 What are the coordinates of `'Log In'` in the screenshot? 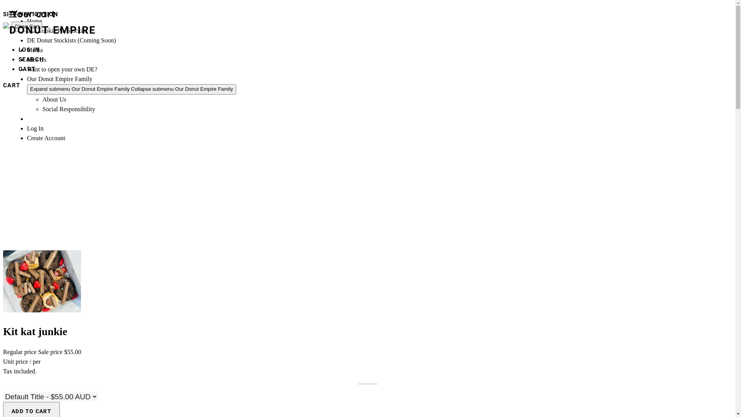 It's located at (35, 128).